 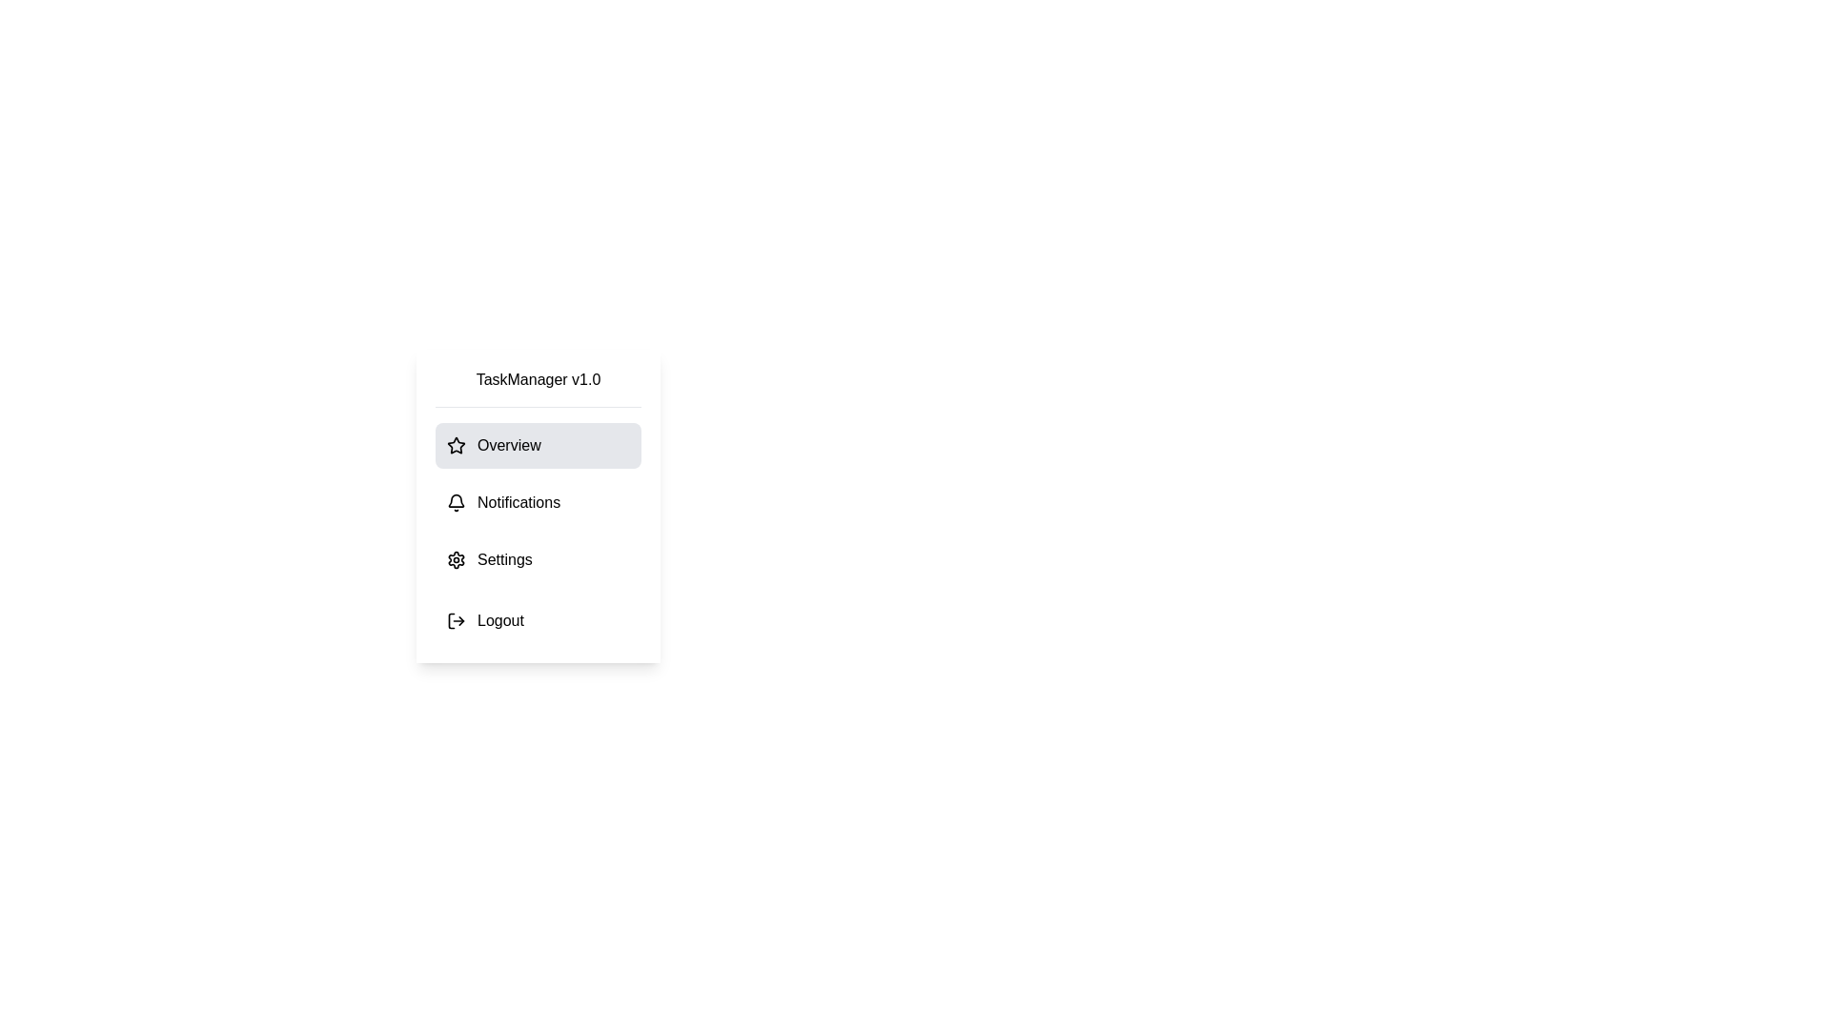 What do you see at coordinates (518, 502) in the screenshot?
I see `text of the 'Notifications' label, which is the second menu item in the vertical list under 'TaskManager v1.0'` at bounding box center [518, 502].